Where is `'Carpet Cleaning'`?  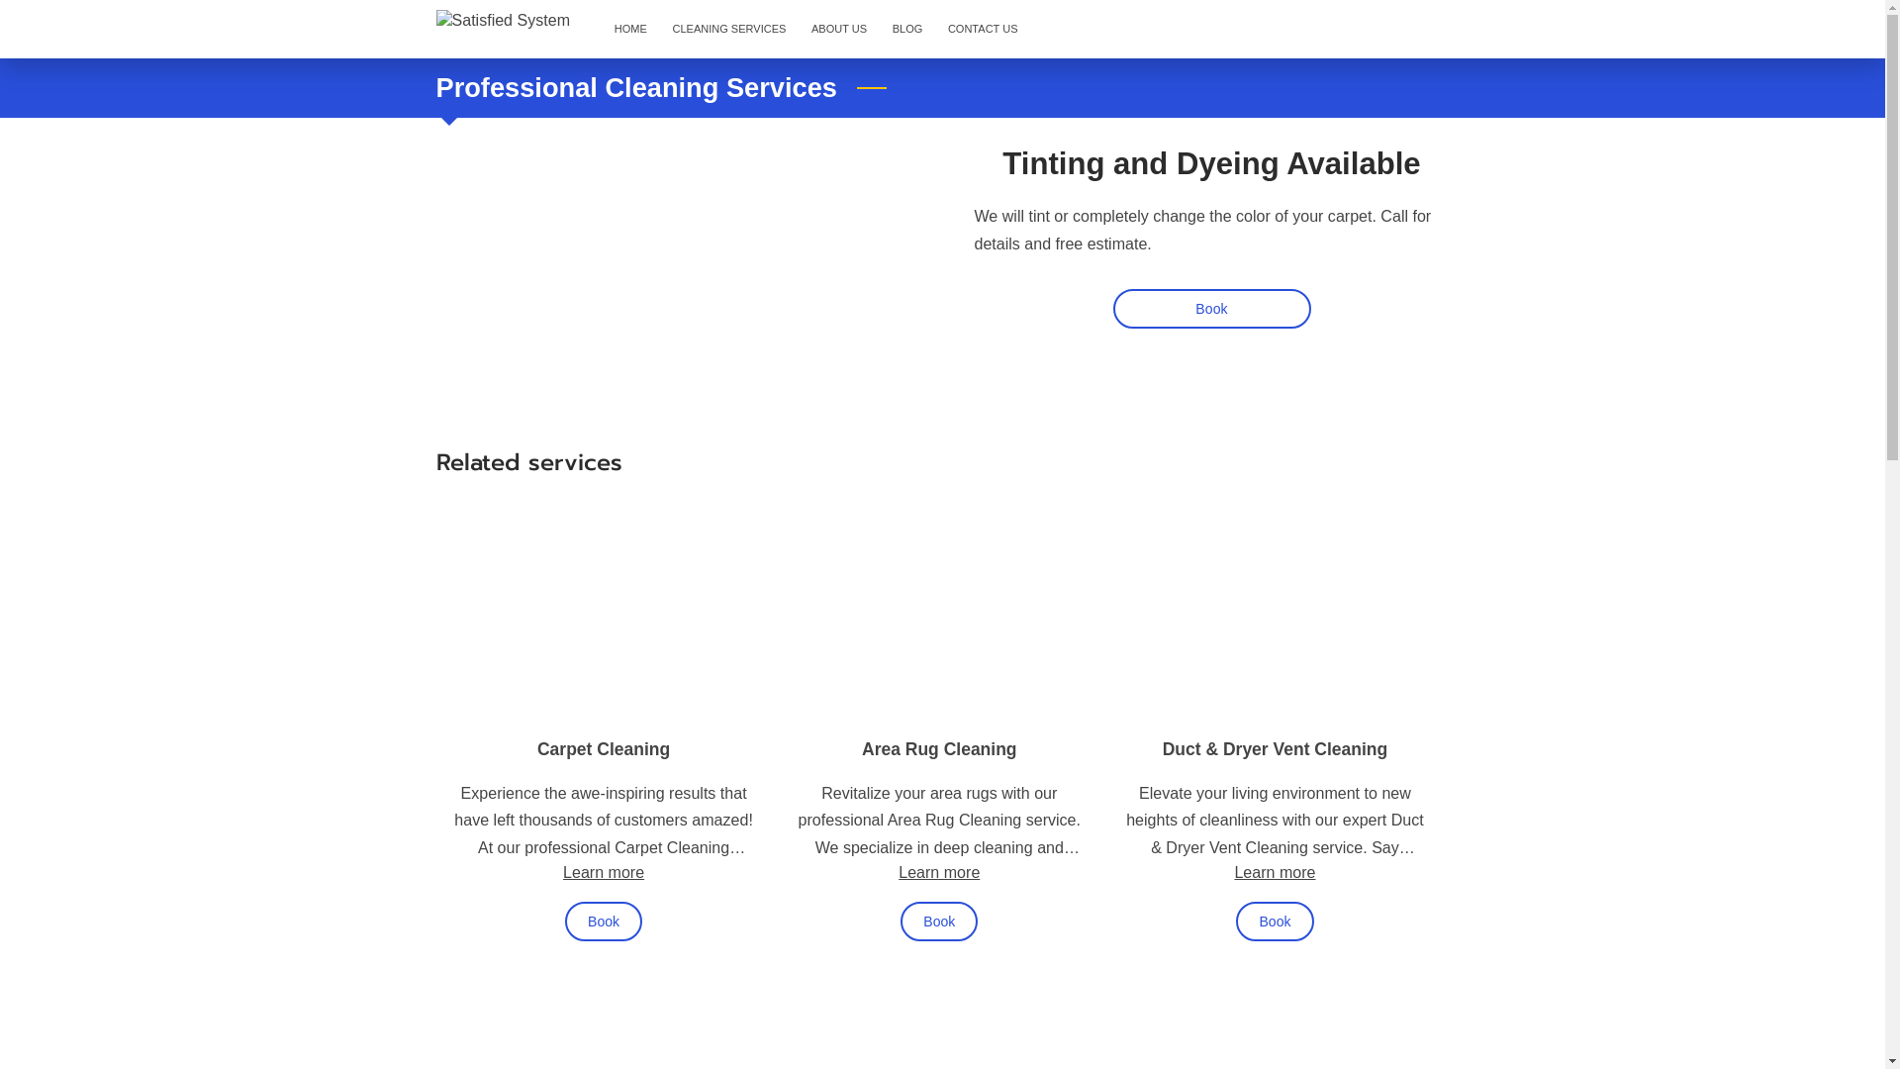
'Carpet Cleaning' is located at coordinates (602, 748).